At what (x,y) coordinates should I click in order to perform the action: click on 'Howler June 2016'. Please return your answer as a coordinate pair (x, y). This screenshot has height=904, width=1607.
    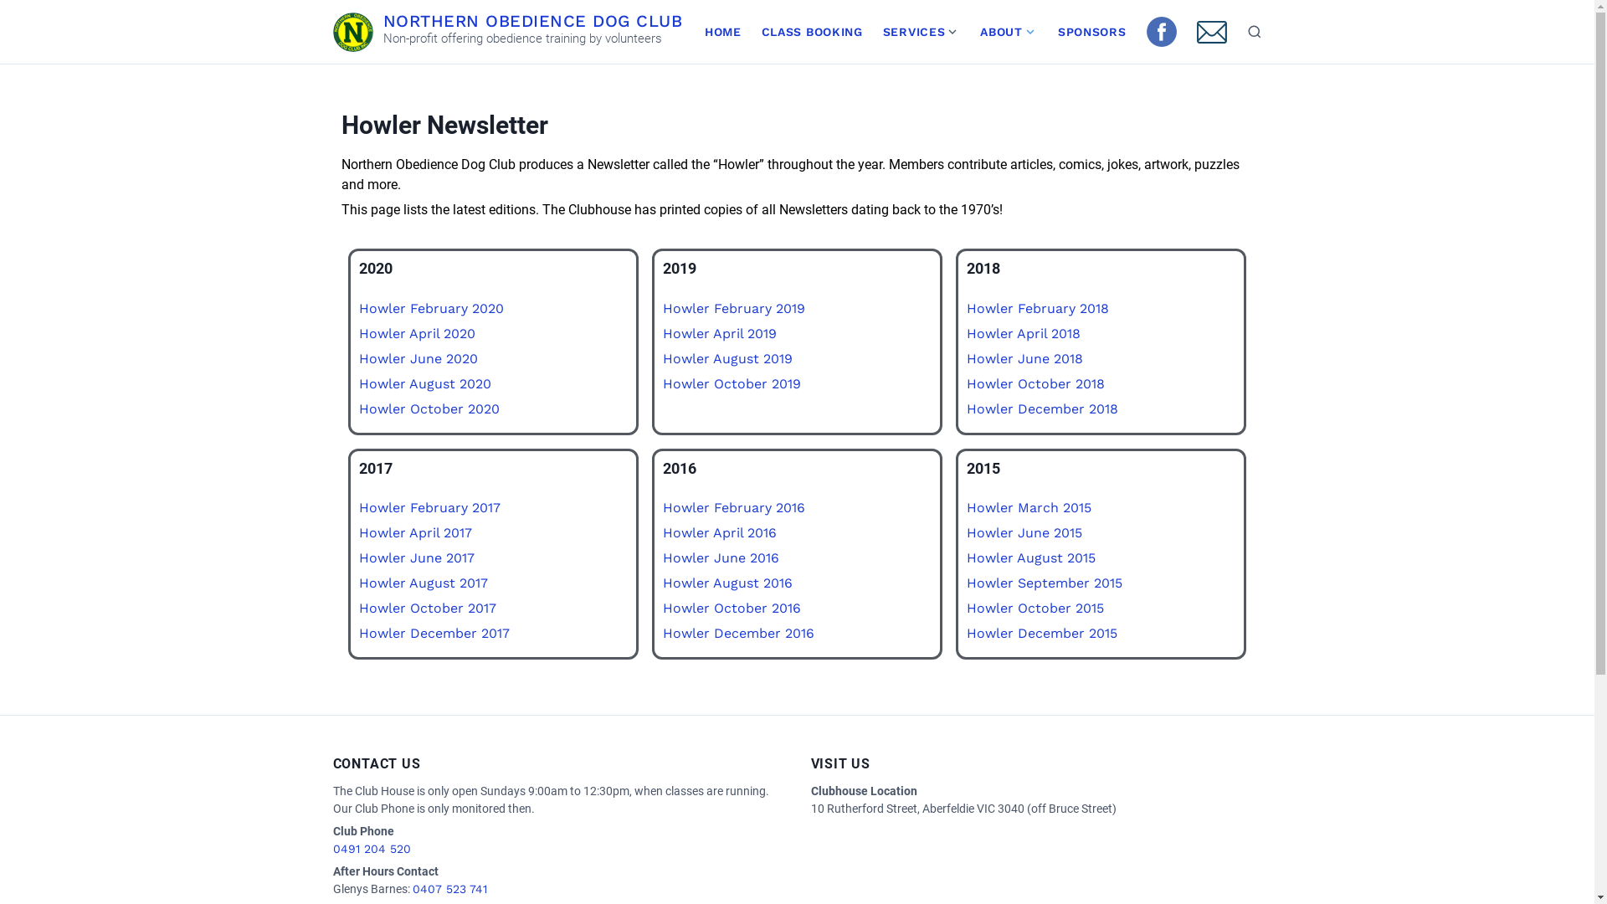
    Looking at the image, I should click on (721, 557).